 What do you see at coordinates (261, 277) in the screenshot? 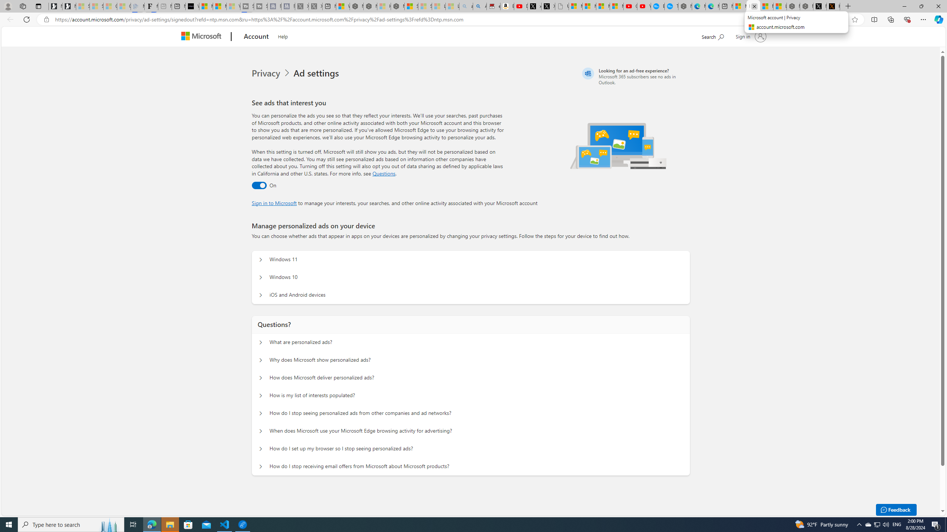
I see `'Manage personalized ads on your device Windows 10'` at bounding box center [261, 277].